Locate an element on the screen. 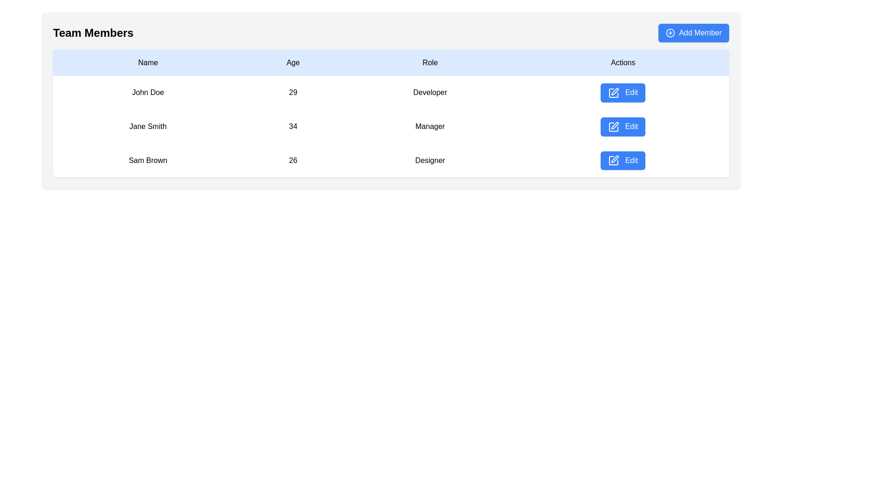 The image size is (894, 503). the text label identifying the team member 'Sam Brown' located in the third row of the table under the 'Name' column is located at coordinates (147, 160).